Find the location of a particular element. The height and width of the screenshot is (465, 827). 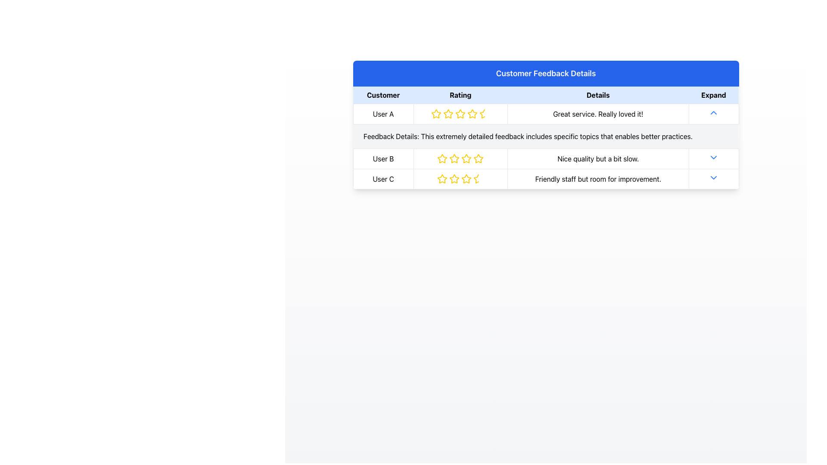

the 'Customer' text label, which is styled in bold and has a blue background, located in the header row of a table on the left side, next to the 'Rating' header is located at coordinates (383, 95).